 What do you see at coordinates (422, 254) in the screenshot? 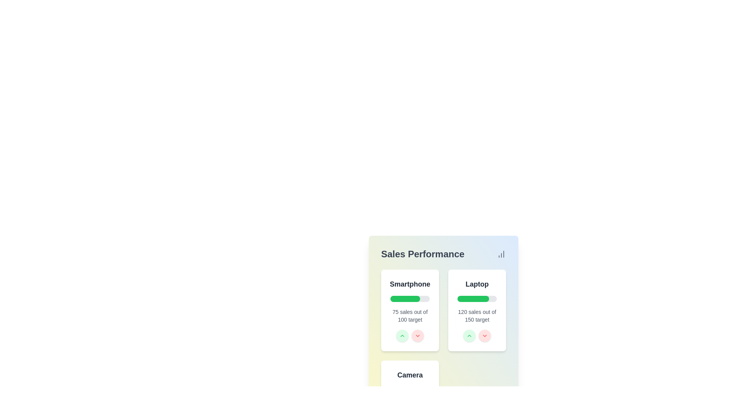
I see `text from the large, bold text label displaying 'Sales Performance' located at the top-left corner of the card-like component` at bounding box center [422, 254].